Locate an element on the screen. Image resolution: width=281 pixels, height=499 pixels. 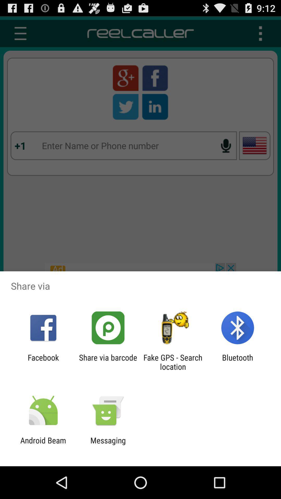
item to the right of share via barcode icon is located at coordinates (173, 362).